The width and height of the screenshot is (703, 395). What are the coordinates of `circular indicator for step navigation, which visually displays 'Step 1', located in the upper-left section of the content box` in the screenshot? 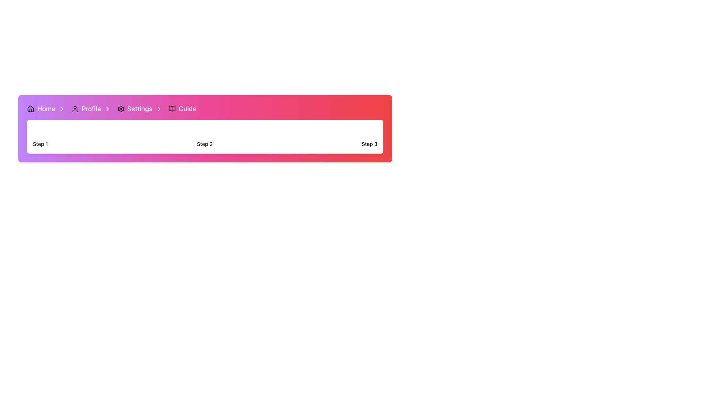 It's located at (40, 131).